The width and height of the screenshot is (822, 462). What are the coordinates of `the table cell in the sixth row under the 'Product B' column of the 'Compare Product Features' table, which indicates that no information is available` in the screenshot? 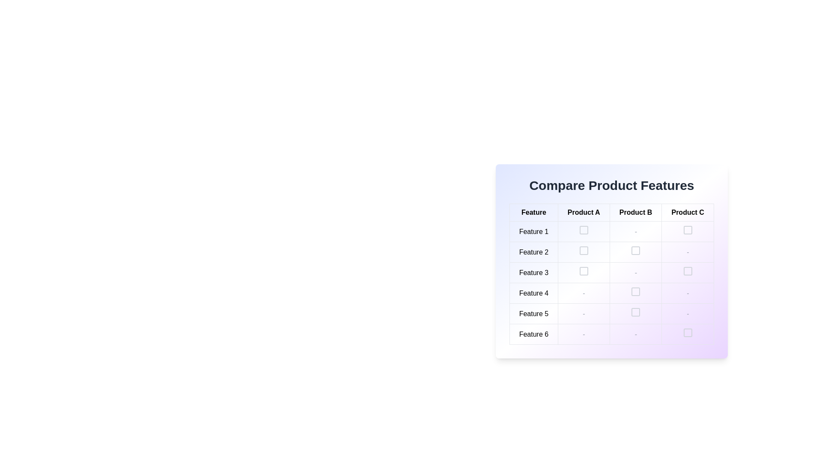 It's located at (636, 334).